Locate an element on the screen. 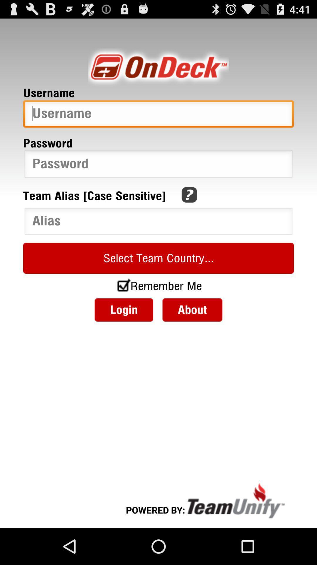  alias is located at coordinates (158, 222).